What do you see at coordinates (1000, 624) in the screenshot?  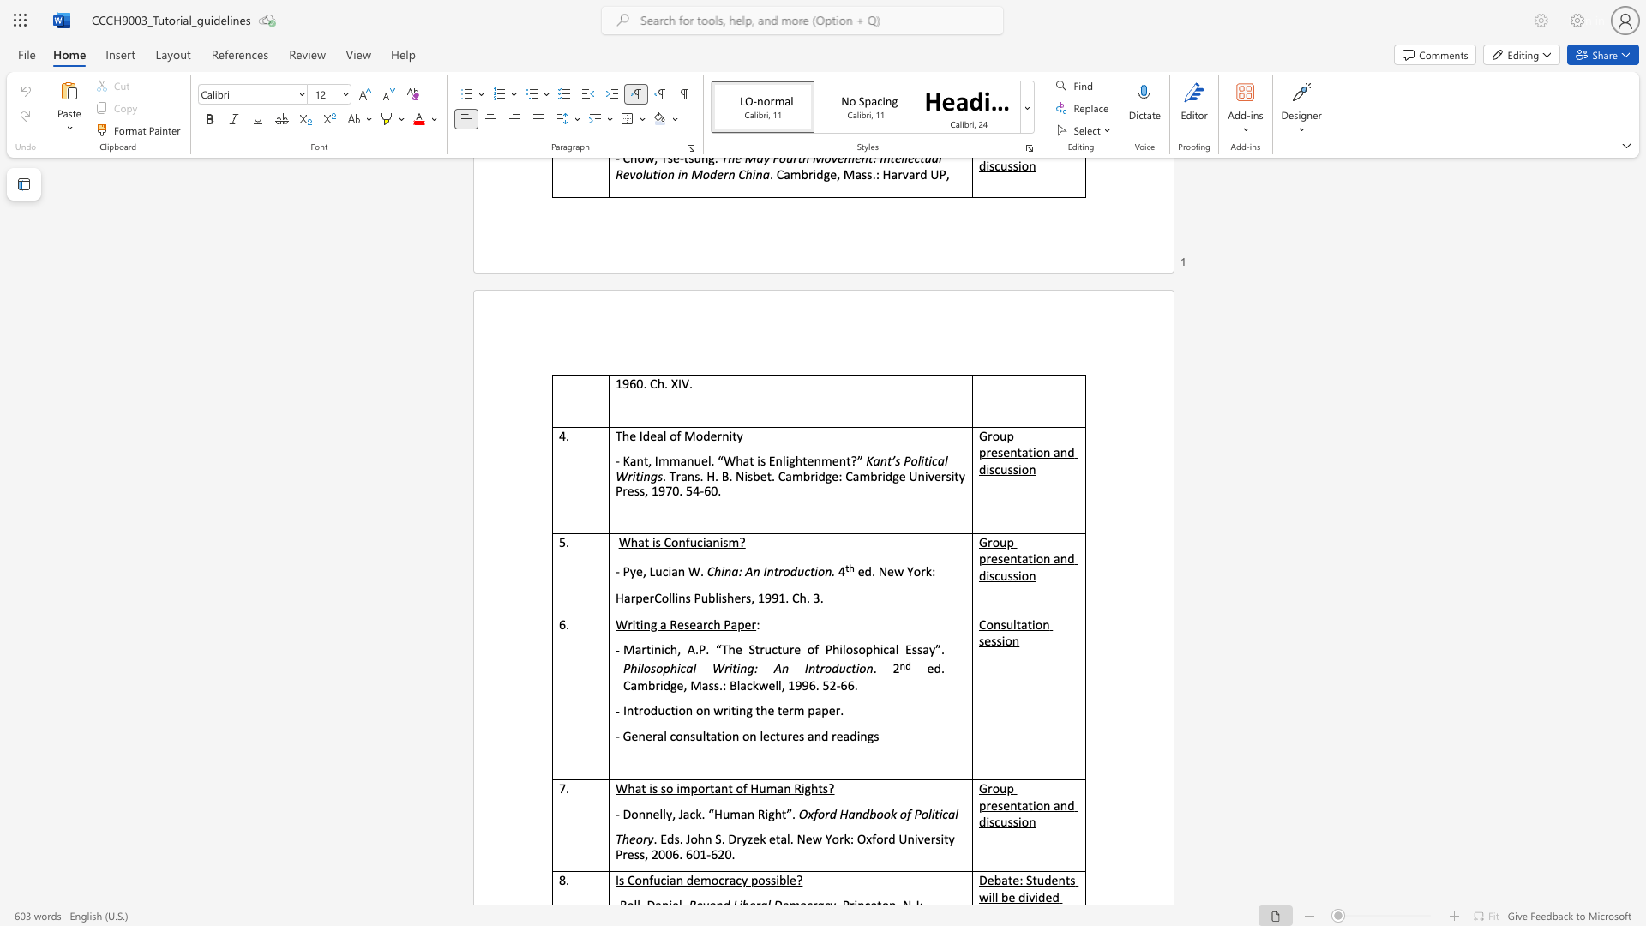 I see `the subset text "su" within the text "Consultation session"` at bounding box center [1000, 624].